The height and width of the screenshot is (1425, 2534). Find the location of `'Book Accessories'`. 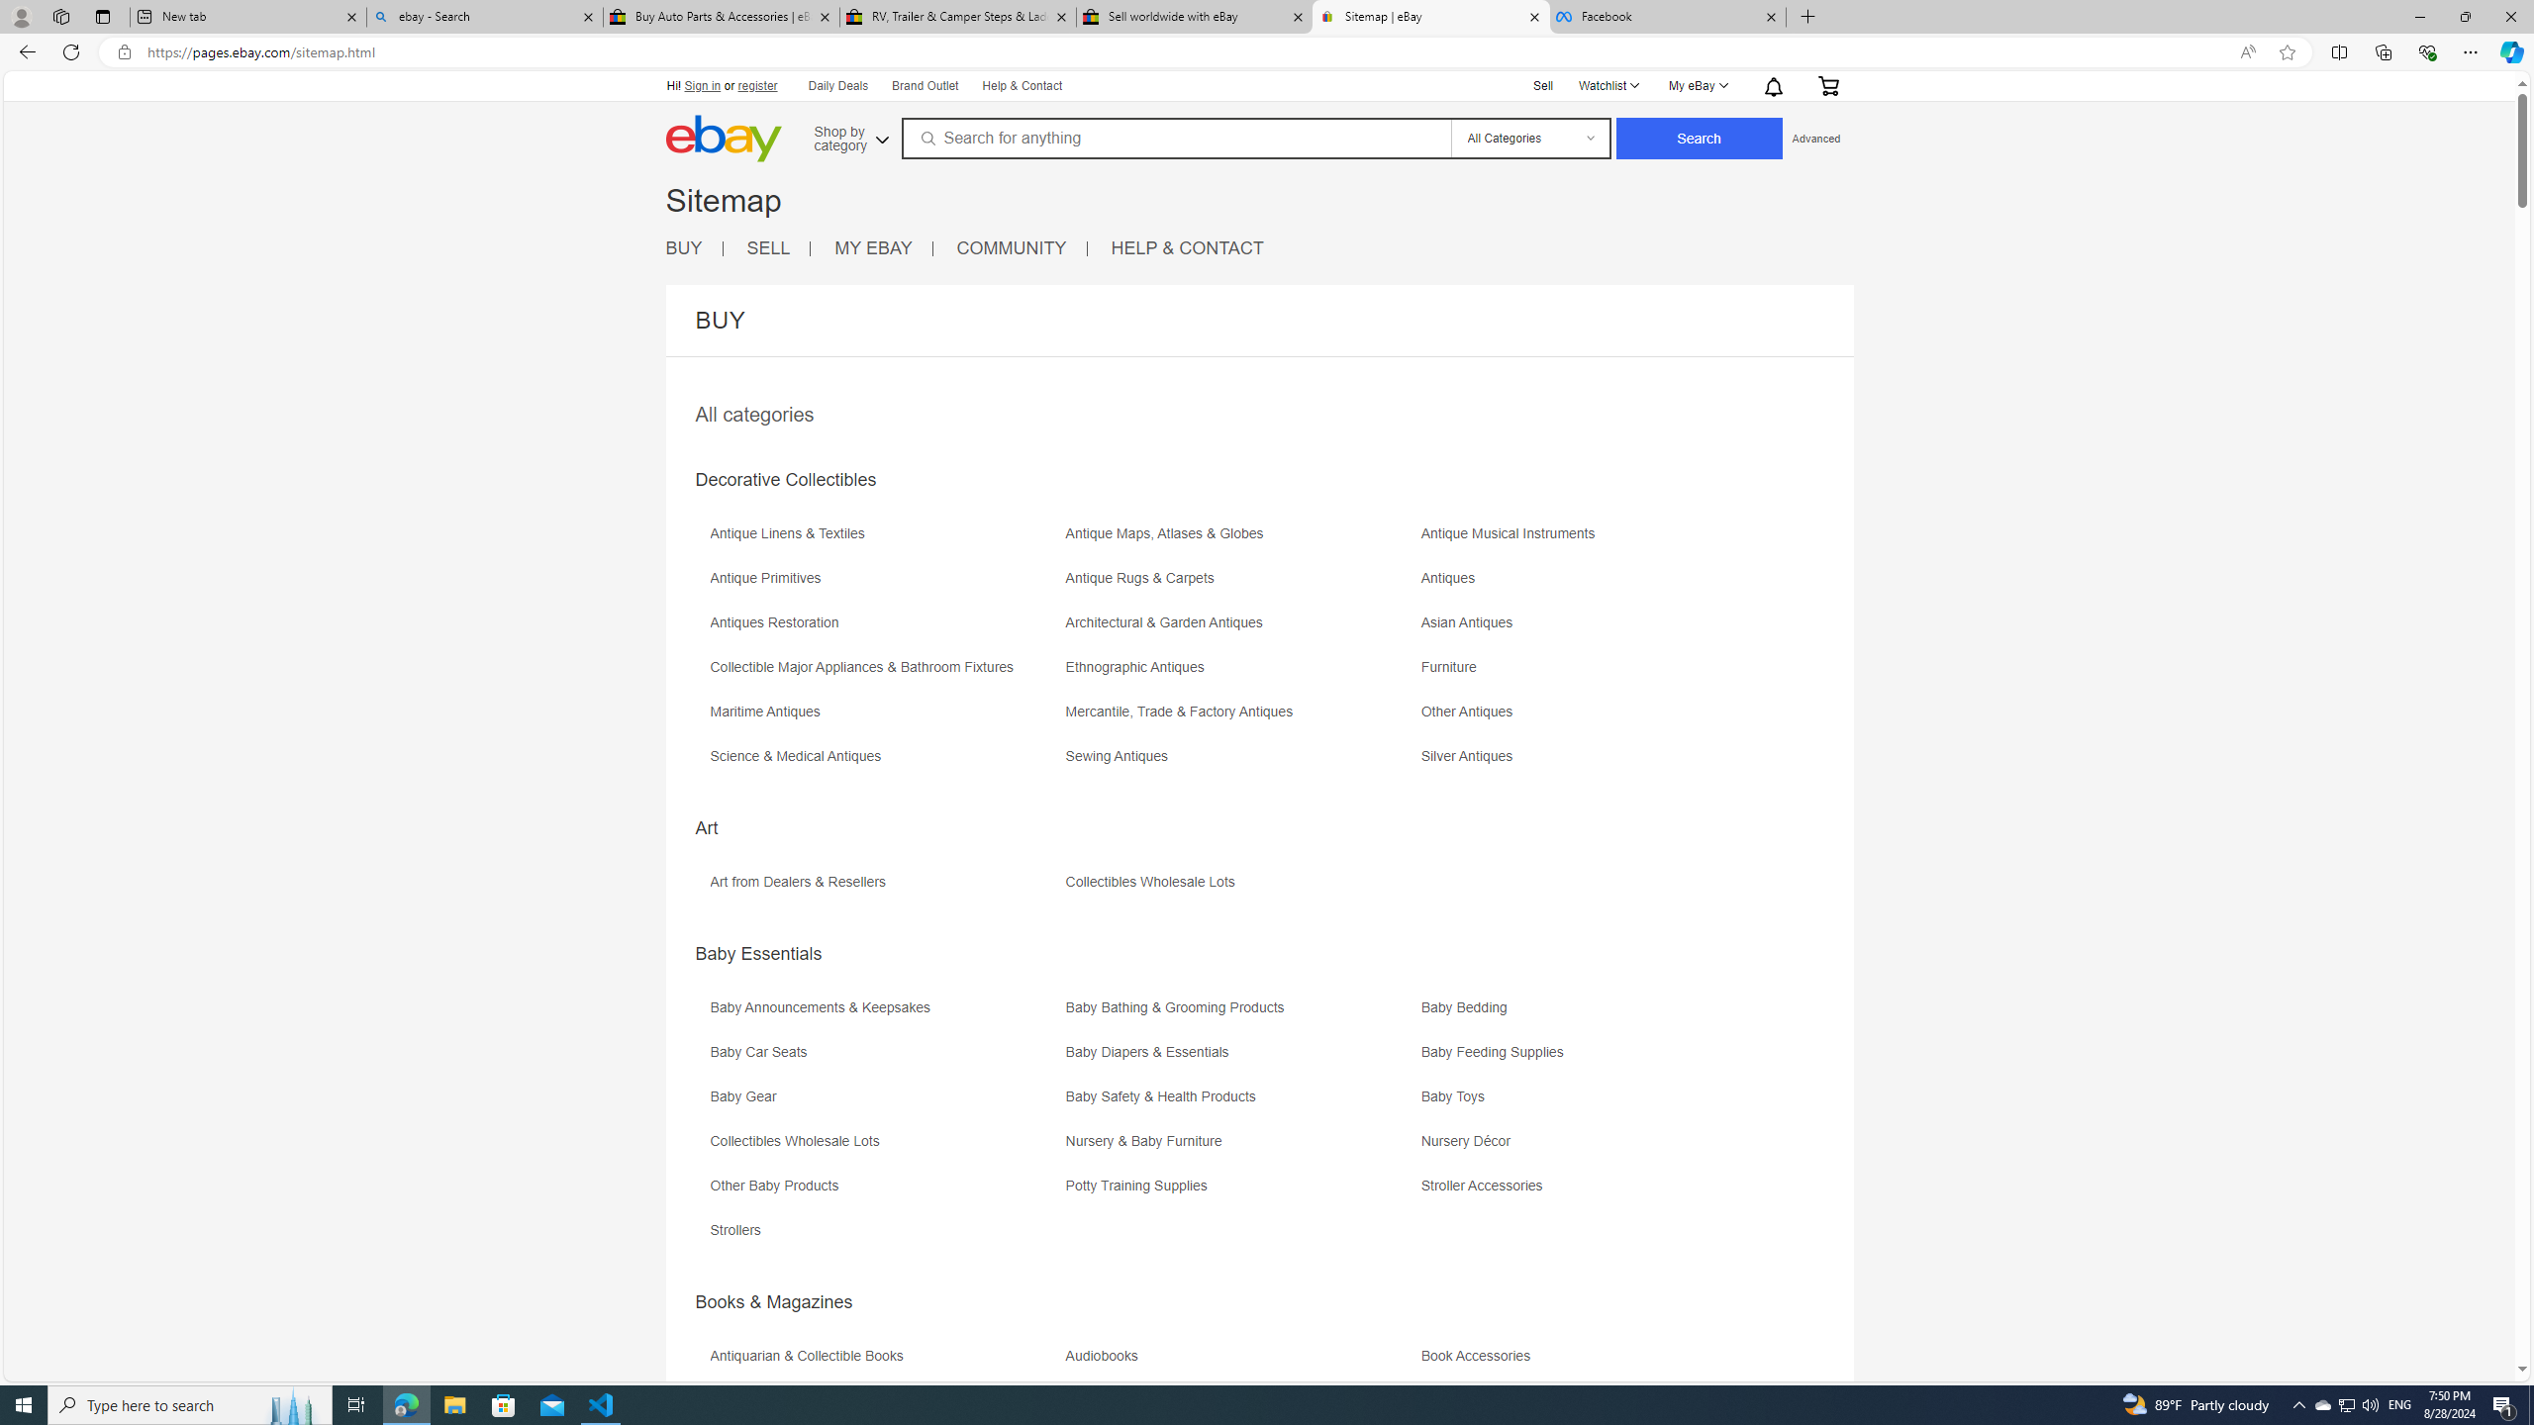

'Book Accessories' is located at coordinates (1481, 1356).